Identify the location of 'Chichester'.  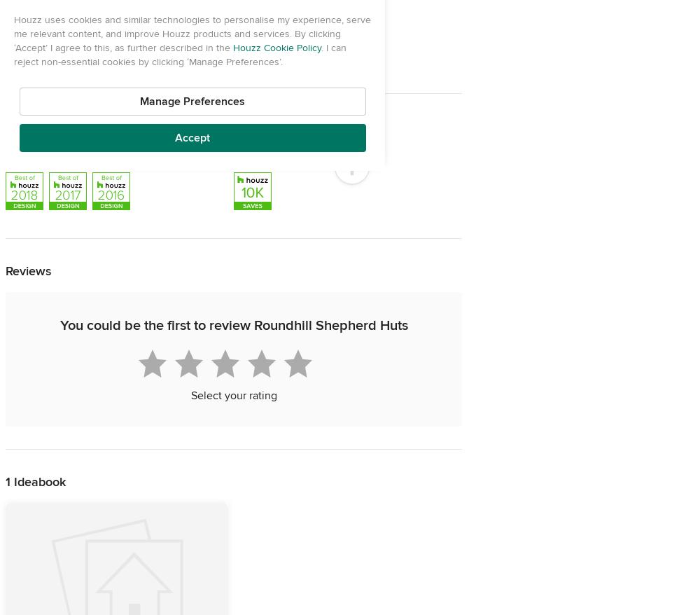
(6, 48).